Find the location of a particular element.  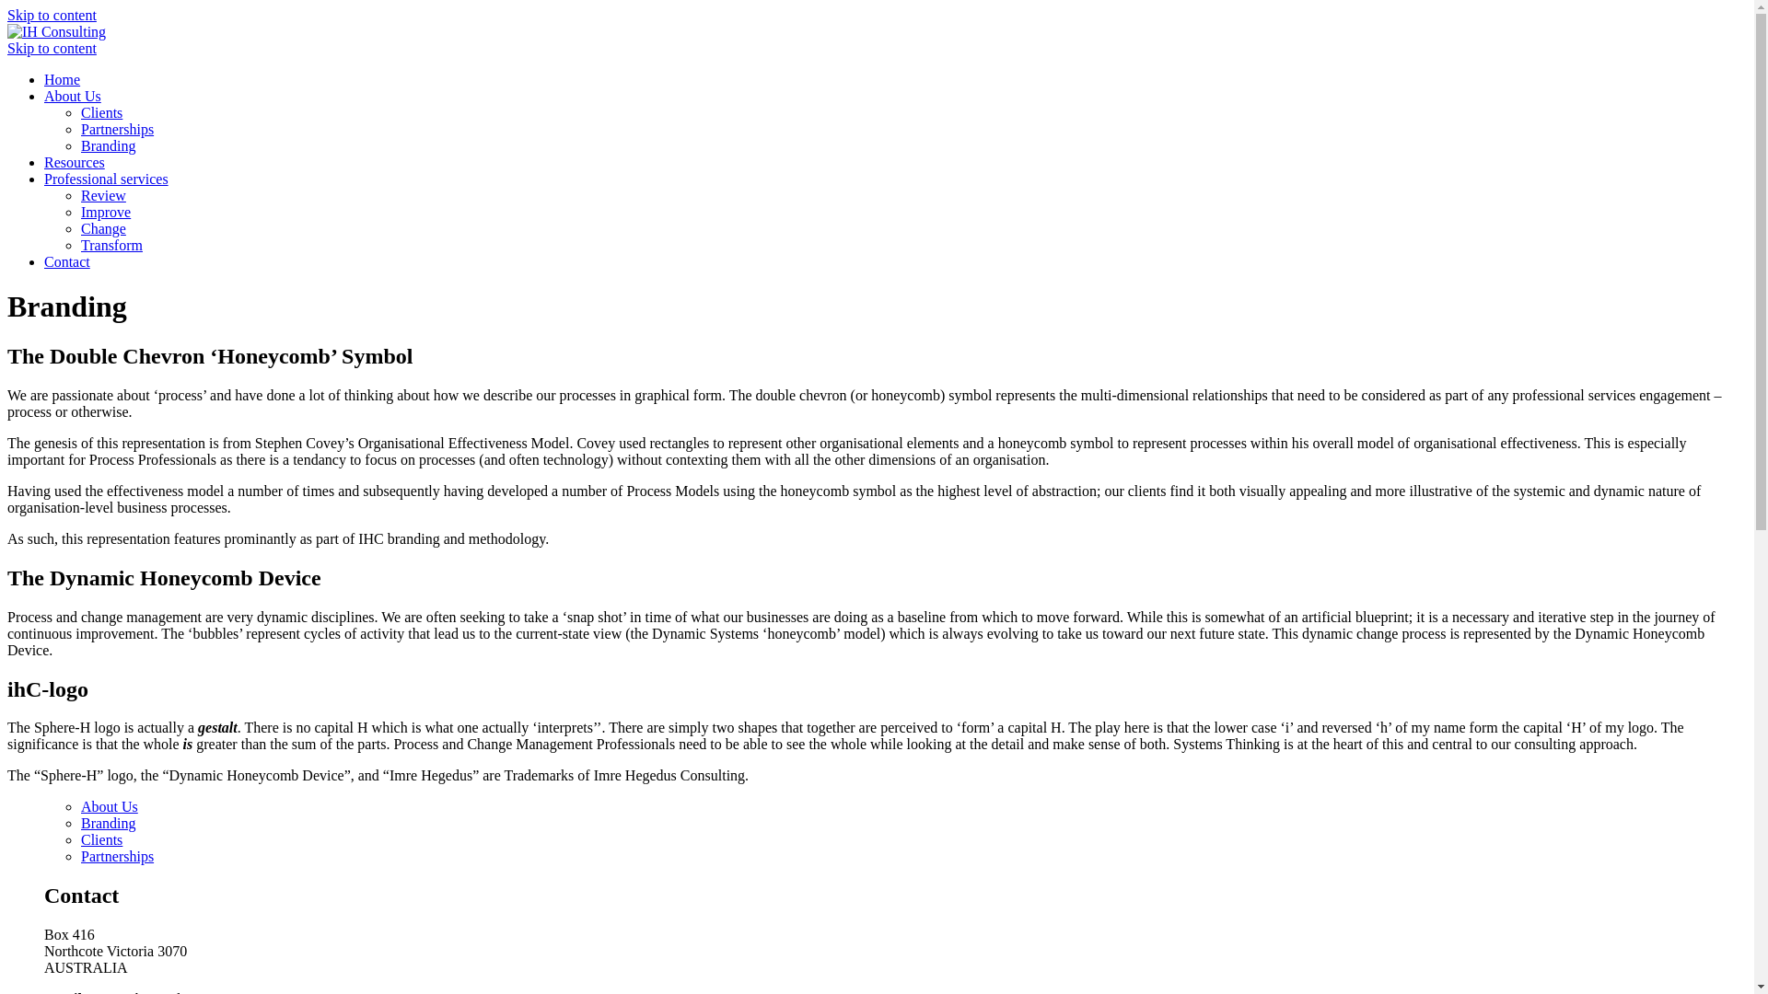

'Branding' is located at coordinates (79, 822).